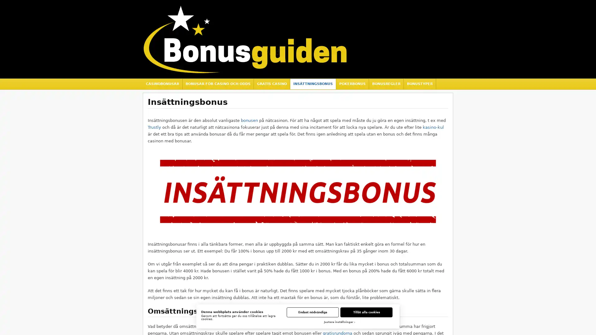 This screenshot has width=596, height=335. What do you see at coordinates (366, 312) in the screenshot?
I see `Tillat alla cookies` at bounding box center [366, 312].